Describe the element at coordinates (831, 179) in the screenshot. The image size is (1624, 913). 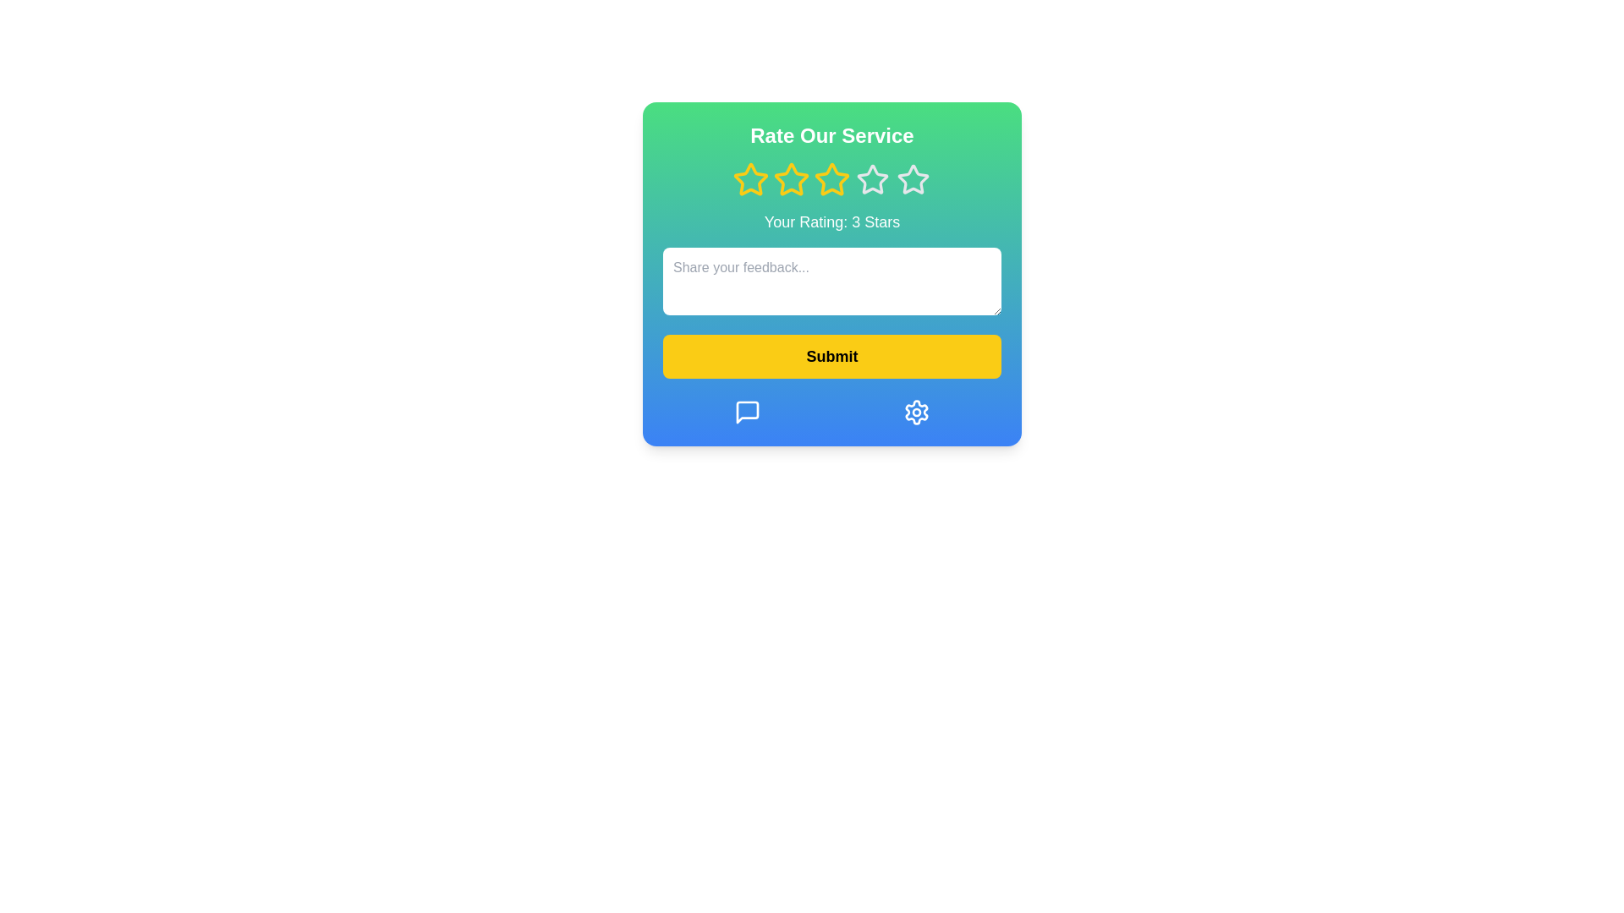
I see `the third star icon in the interactive rating section, which is styled with a yellow outline and transparent center` at that location.